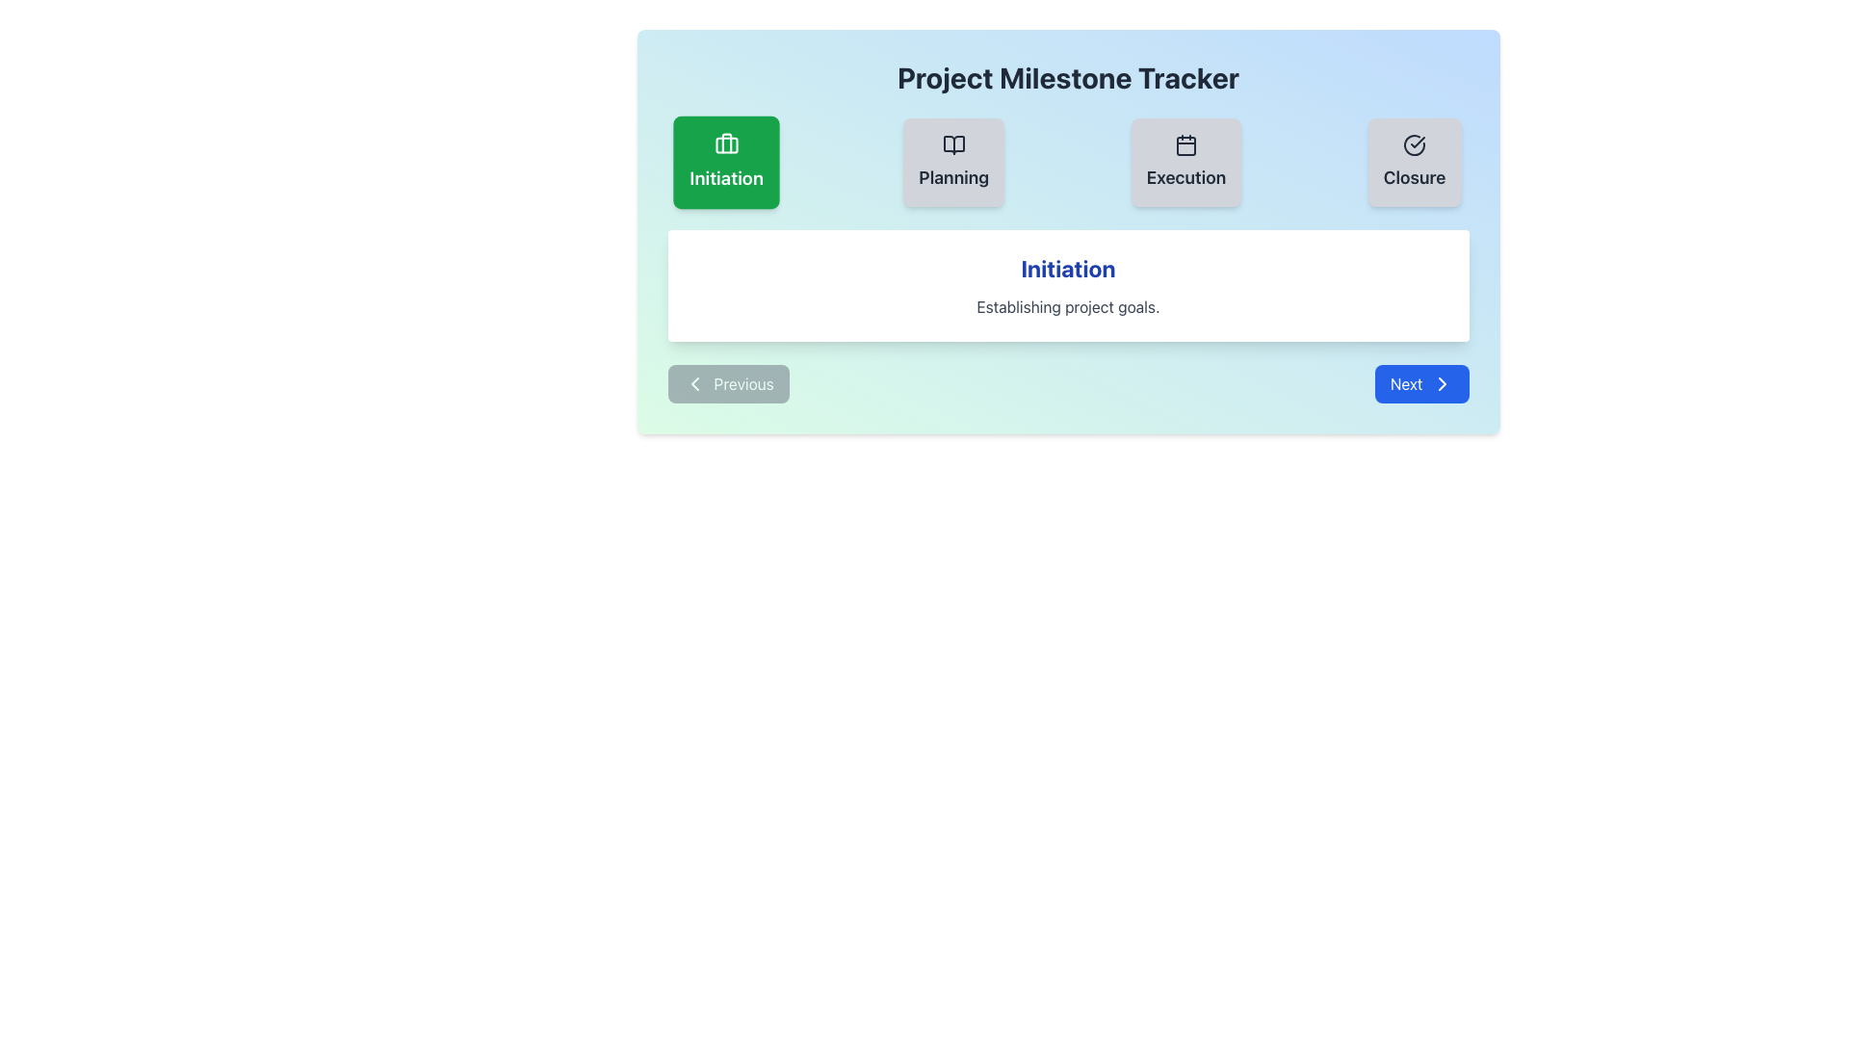  I want to click on text label displaying the title 'Planning' which is styled in a larger, bold font and is centered within the second card of a horizontal array of options, so click(953, 178).